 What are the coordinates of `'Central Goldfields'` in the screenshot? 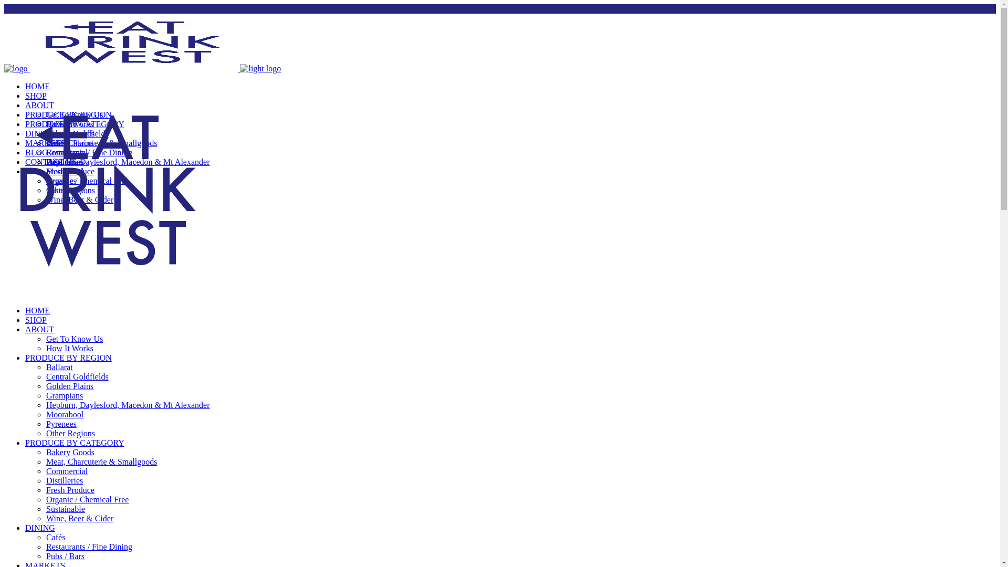 It's located at (45, 376).